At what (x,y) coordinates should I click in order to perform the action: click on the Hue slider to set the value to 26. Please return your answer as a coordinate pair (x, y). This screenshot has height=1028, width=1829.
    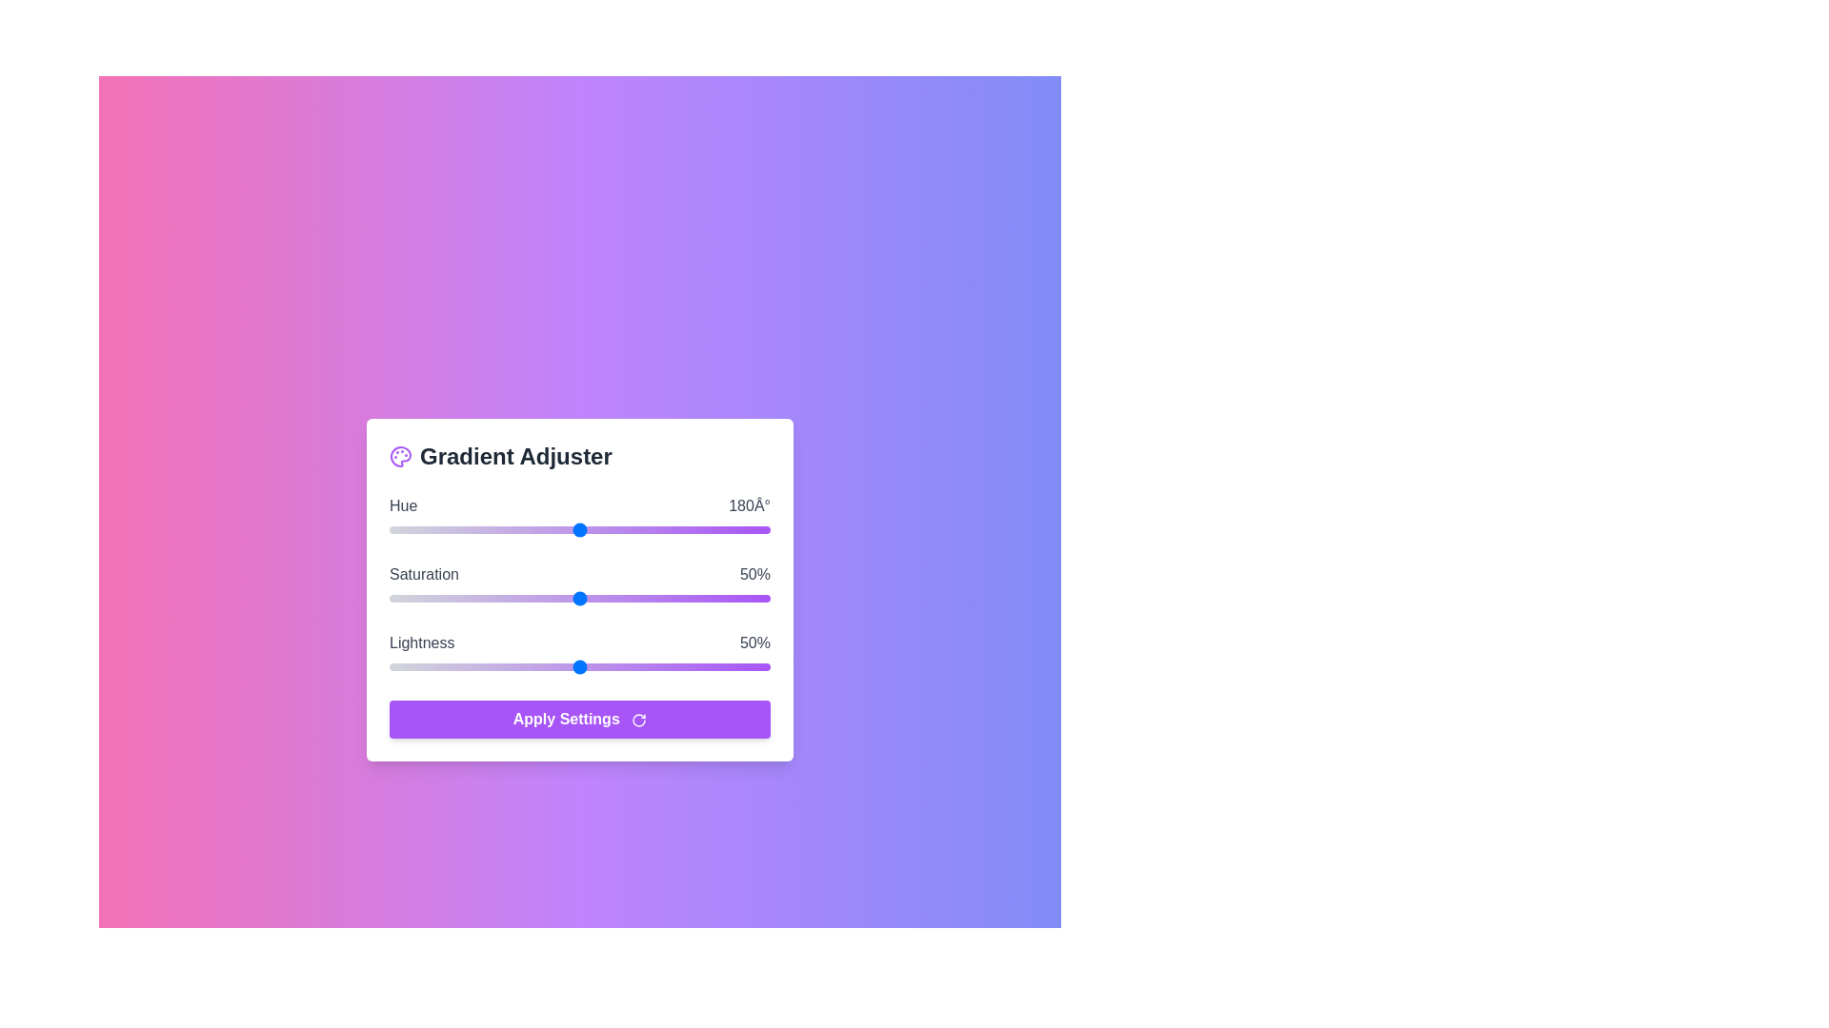
    Looking at the image, I should click on (415, 529).